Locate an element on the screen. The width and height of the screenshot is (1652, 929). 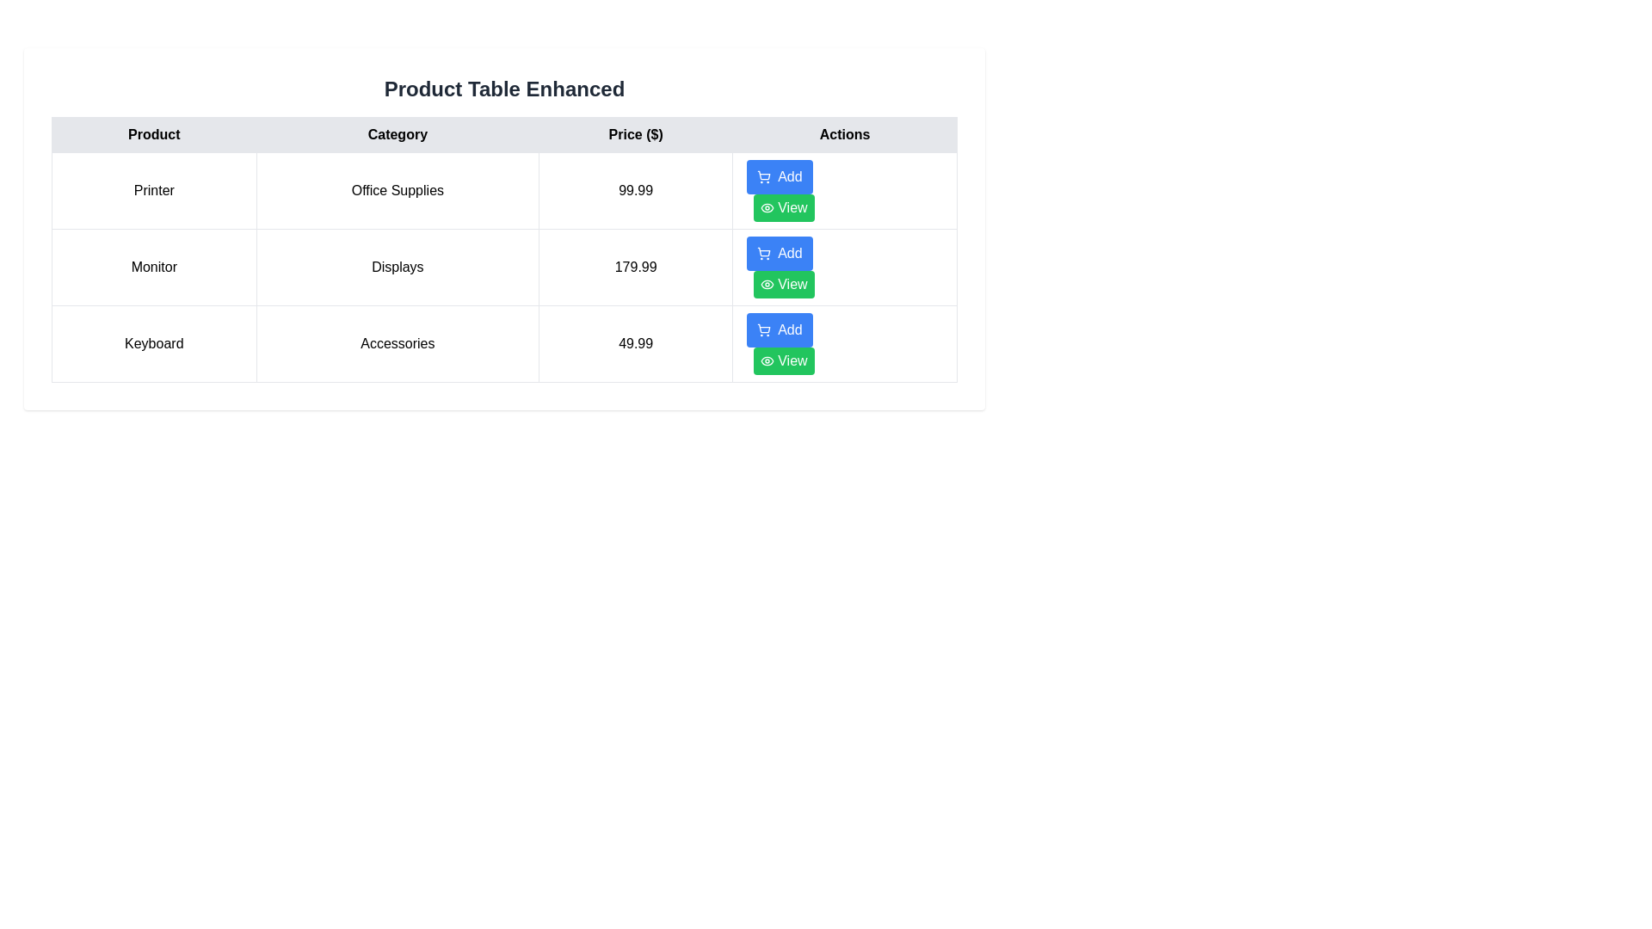
the second row in the table layout, which contains the segments 'Monitor', 'Displays', '179.99', and buttons labeled 'Add' and 'View' is located at coordinates (503, 268).